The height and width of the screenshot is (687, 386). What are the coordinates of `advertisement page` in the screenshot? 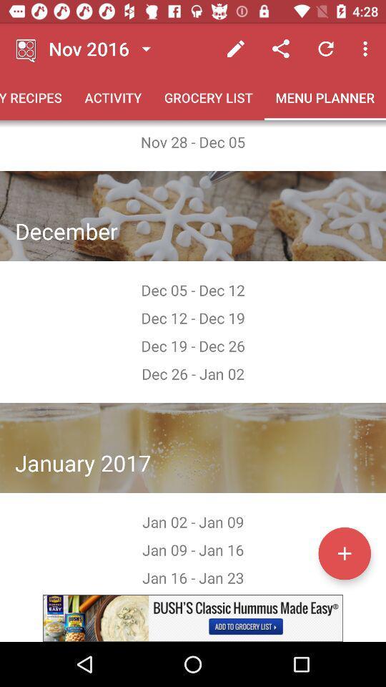 It's located at (193, 618).